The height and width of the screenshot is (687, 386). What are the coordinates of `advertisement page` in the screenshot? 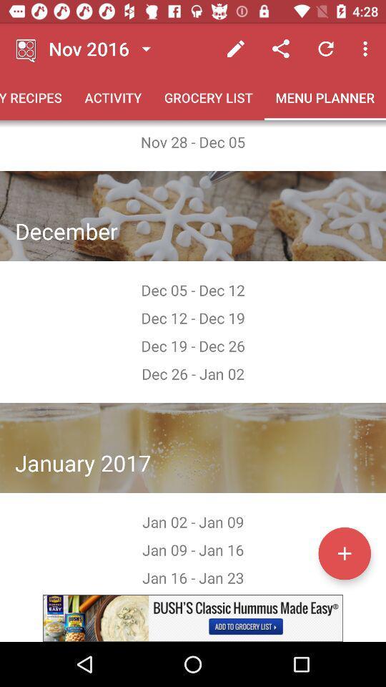 It's located at (193, 618).